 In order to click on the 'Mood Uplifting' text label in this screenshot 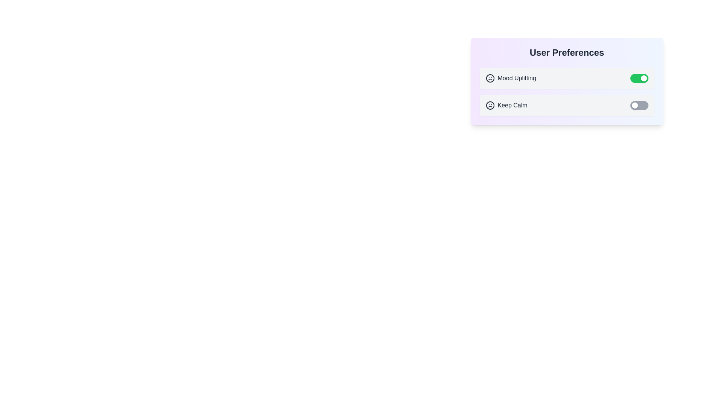, I will do `click(516, 78)`.